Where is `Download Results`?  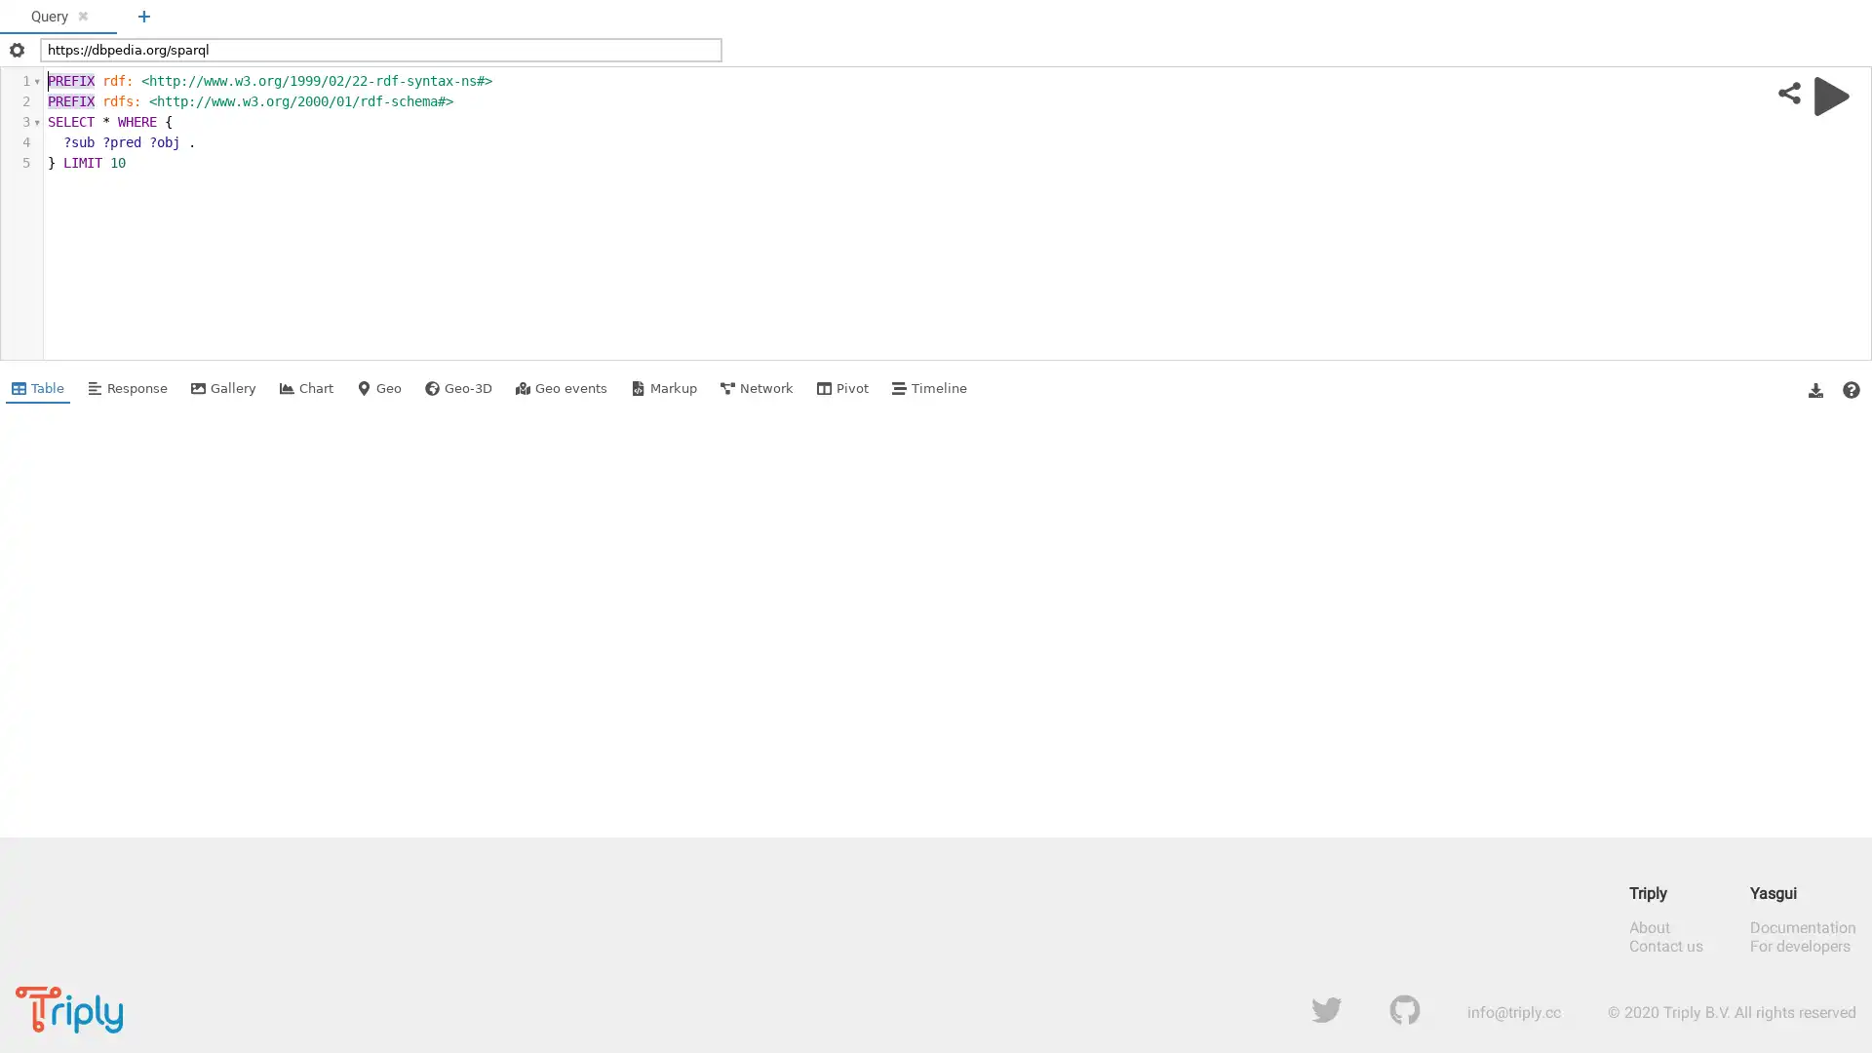 Download Results is located at coordinates (1814, 390).